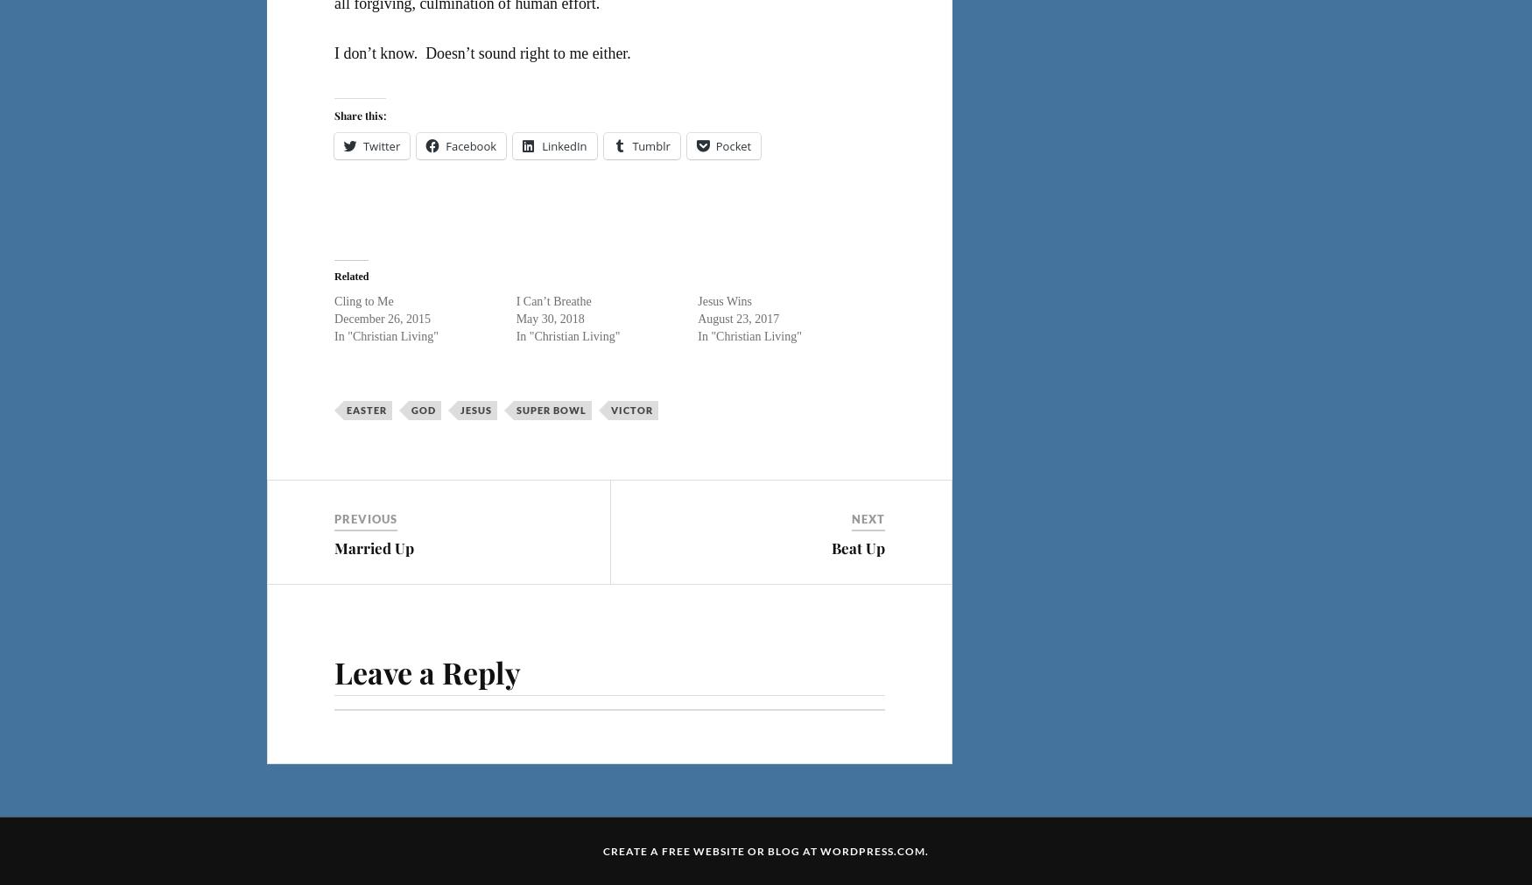 The height and width of the screenshot is (885, 1532). What do you see at coordinates (481, 52) in the screenshot?
I see `'I don’t know.  Doesn’t sound right to me either.'` at bounding box center [481, 52].